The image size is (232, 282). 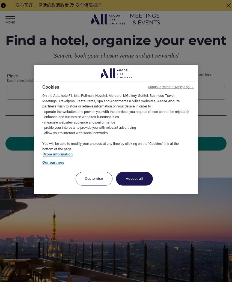 What do you see at coordinates (12, 76) in the screenshot?
I see `'Place'` at bounding box center [12, 76].